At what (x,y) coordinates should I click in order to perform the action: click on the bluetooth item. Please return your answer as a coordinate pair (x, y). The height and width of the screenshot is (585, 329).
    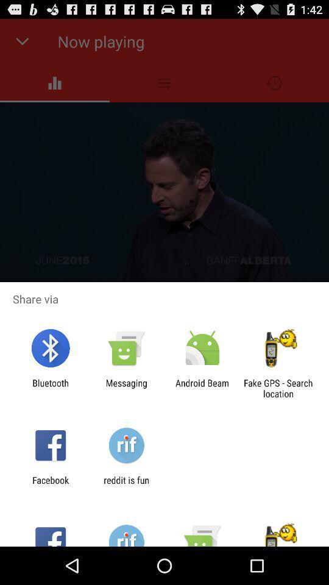
    Looking at the image, I should click on (50, 388).